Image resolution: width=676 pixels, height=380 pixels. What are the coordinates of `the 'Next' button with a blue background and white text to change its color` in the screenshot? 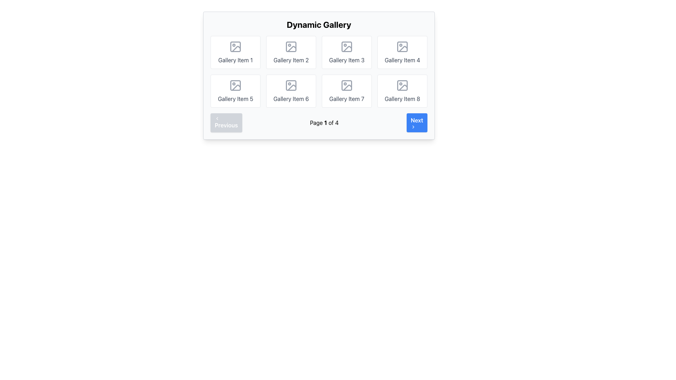 It's located at (417, 122).